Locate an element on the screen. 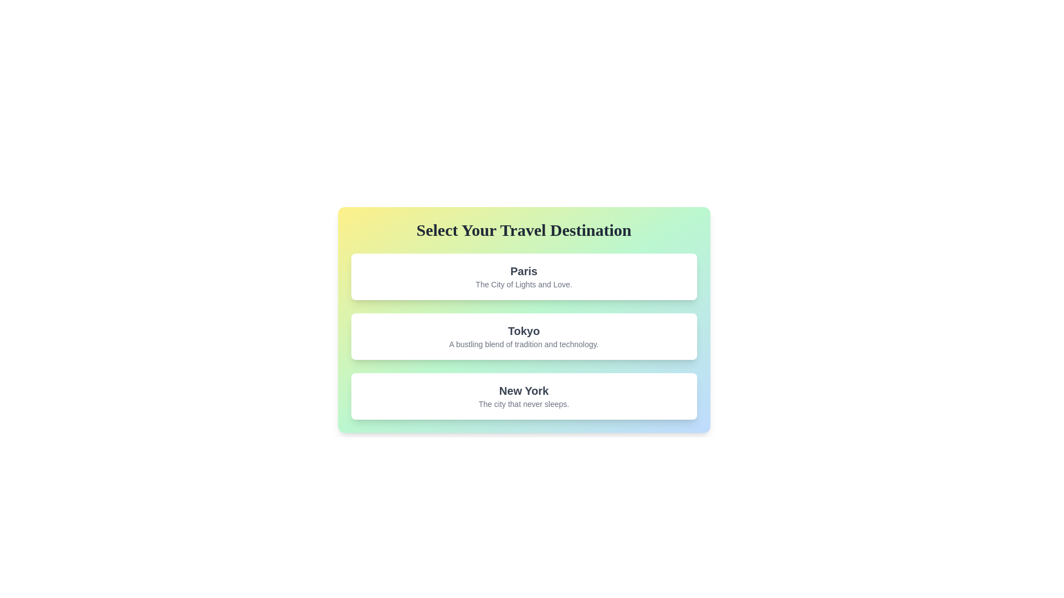  the card representing 'Tokyo' in the vertically stacked list of travel destinations is located at coordinates (523, 336).